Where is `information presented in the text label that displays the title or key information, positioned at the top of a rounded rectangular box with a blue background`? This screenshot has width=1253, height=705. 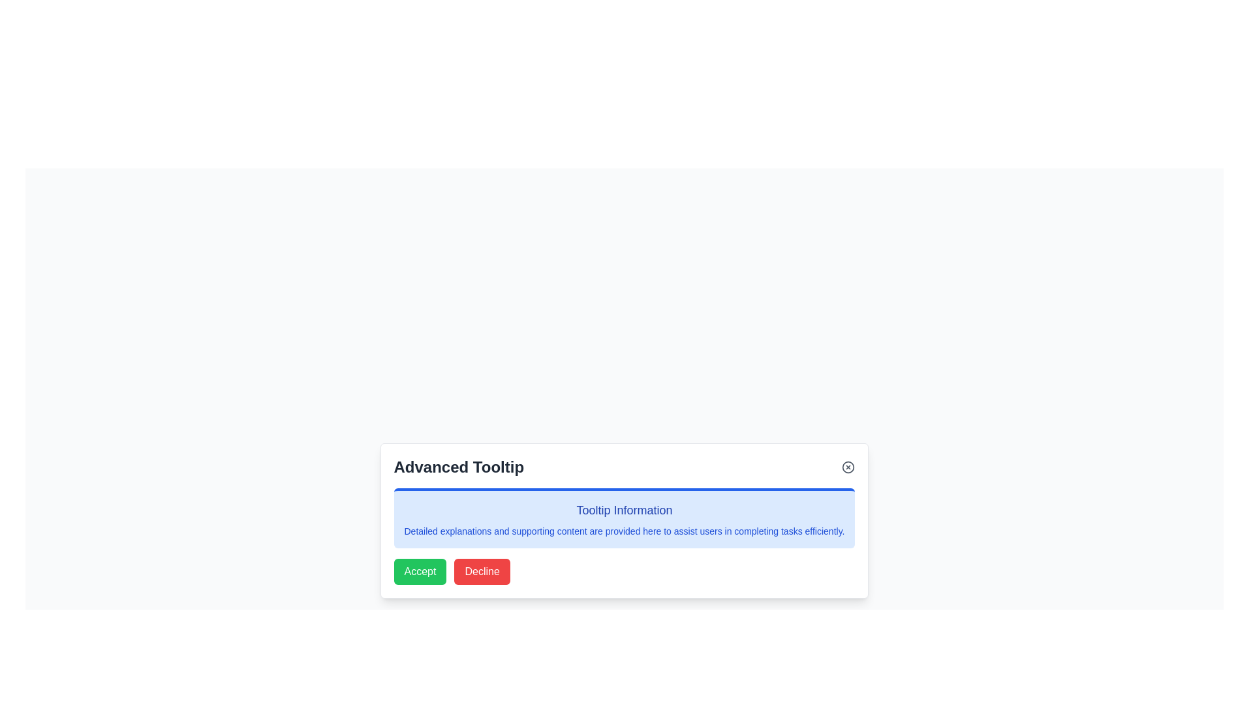
information presented in the text label that displays the title or key information, positioned at the top of a rounded rectangular box with a blue background is located at coordinates (623, 510).